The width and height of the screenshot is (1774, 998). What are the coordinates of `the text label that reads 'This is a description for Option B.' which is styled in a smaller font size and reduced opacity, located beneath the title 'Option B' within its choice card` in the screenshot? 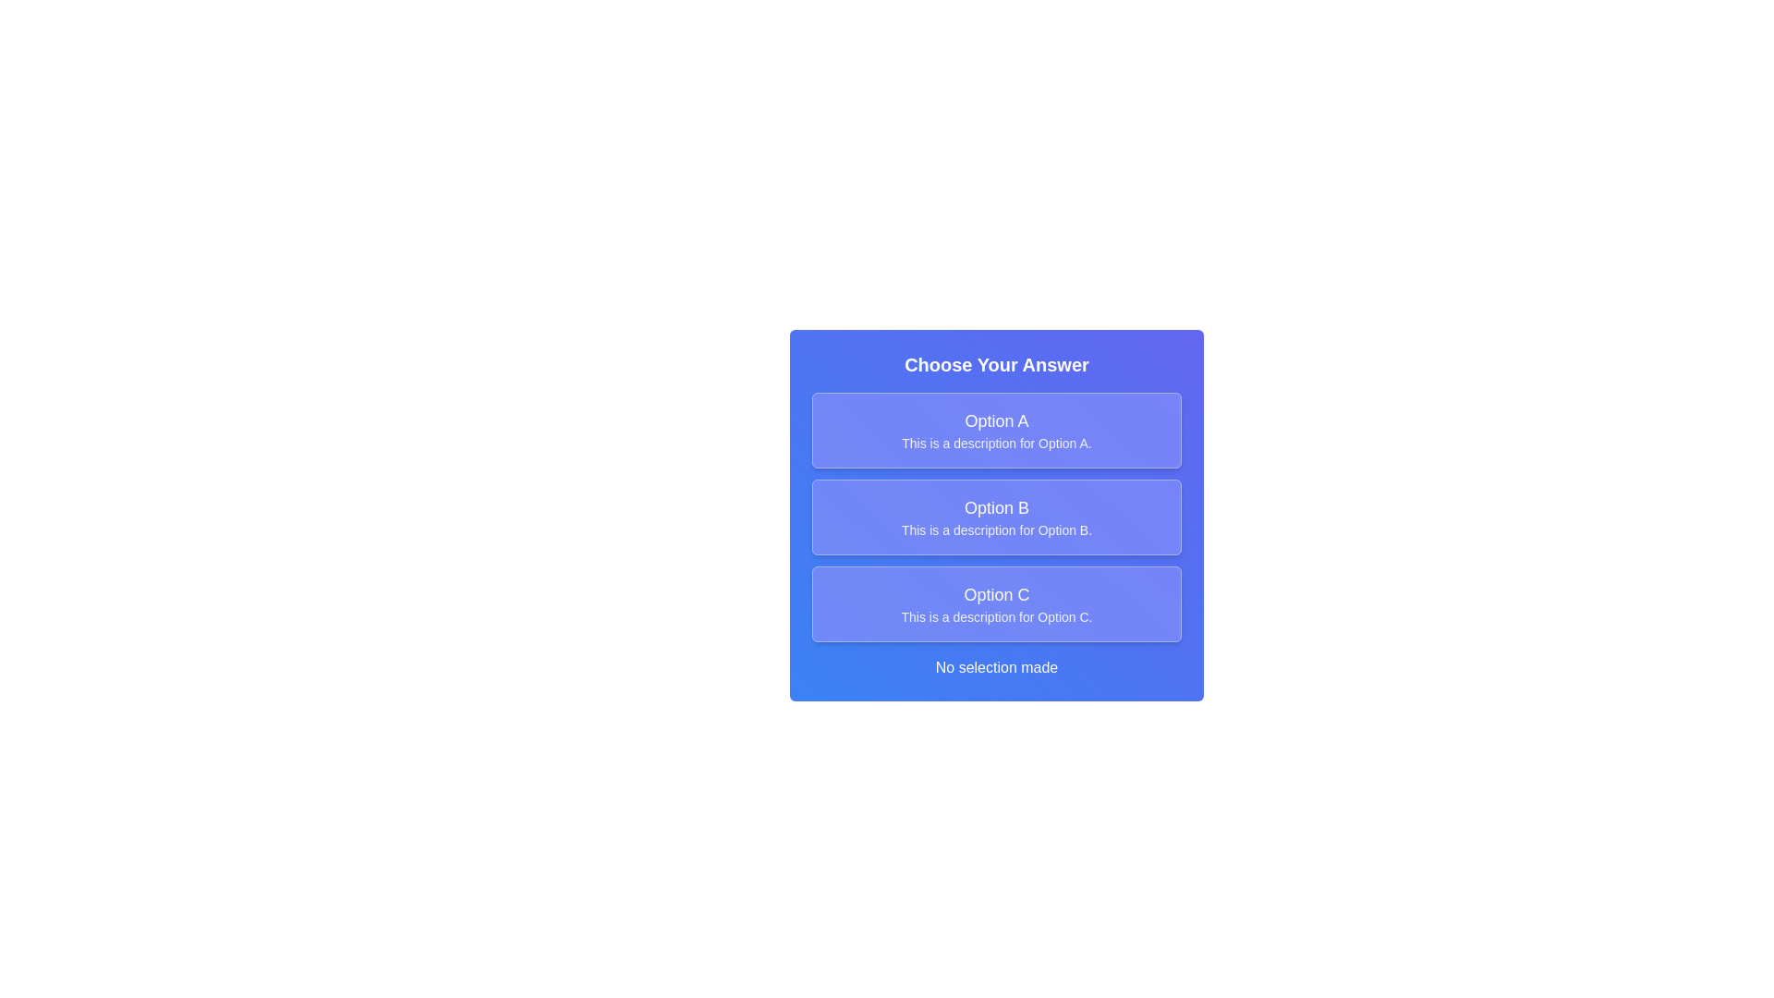 It's located at (996, 530).